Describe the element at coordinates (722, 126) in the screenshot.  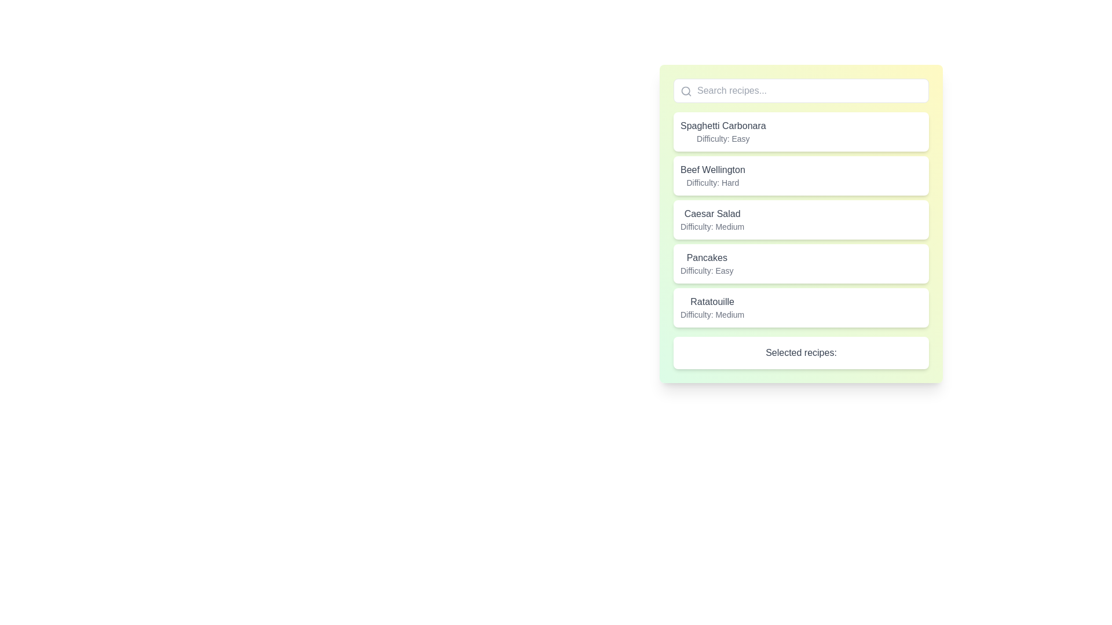
I see `the text label 'Spaghetti Carbonara' which is styled in a medium-weight font and gray color, located at the top of the first rectangular recipe card in a vertical list` at that location.